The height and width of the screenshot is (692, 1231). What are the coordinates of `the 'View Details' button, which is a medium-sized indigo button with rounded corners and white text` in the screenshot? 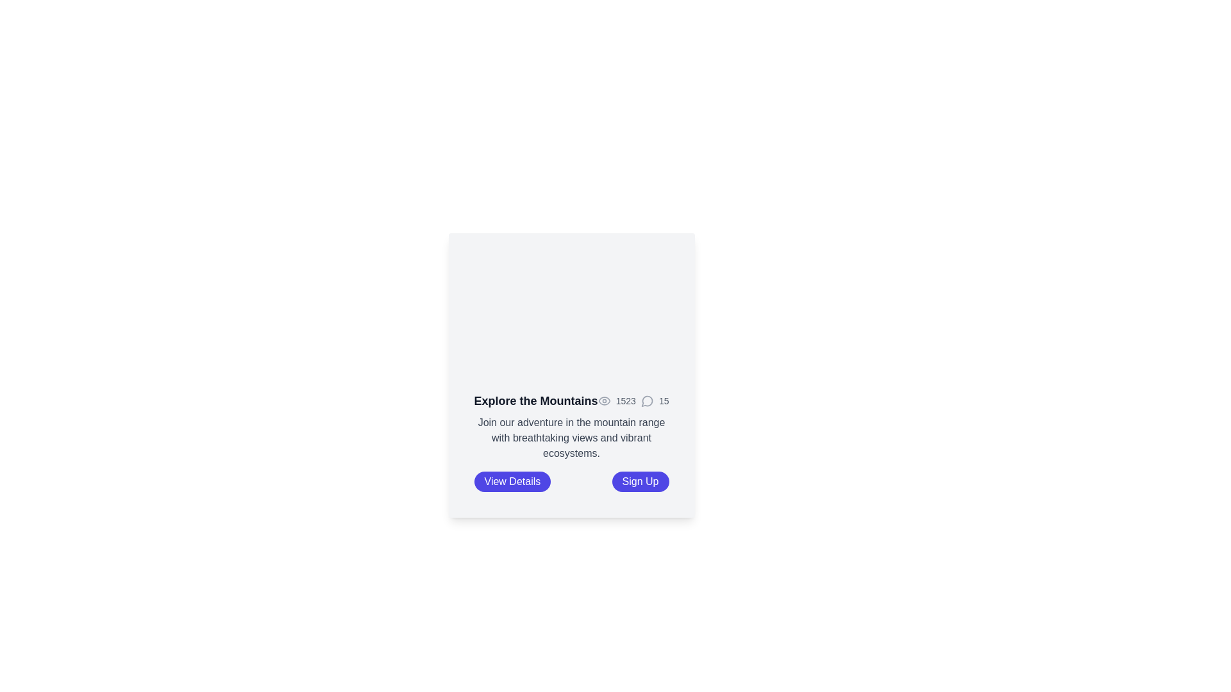 It's located at (512, 482).